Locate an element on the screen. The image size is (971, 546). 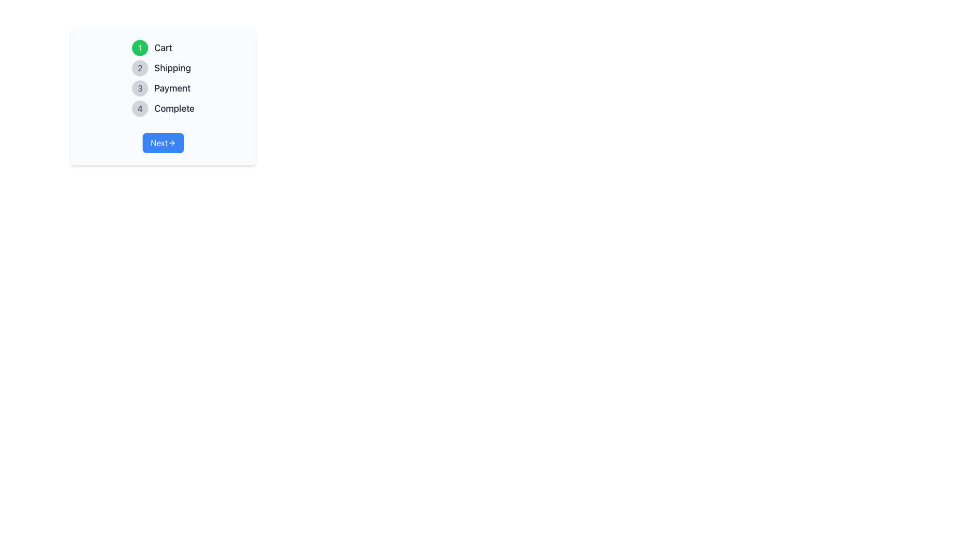
the static visual indicator that represents the final step in a sequence, located in the bottom-left section of the interface, below '3 Payment' and preceding 'Complete' is located at coordinates (140, 109).